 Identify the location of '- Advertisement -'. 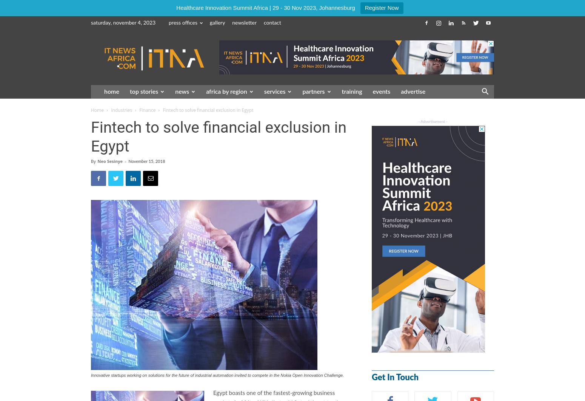
(417, 121).